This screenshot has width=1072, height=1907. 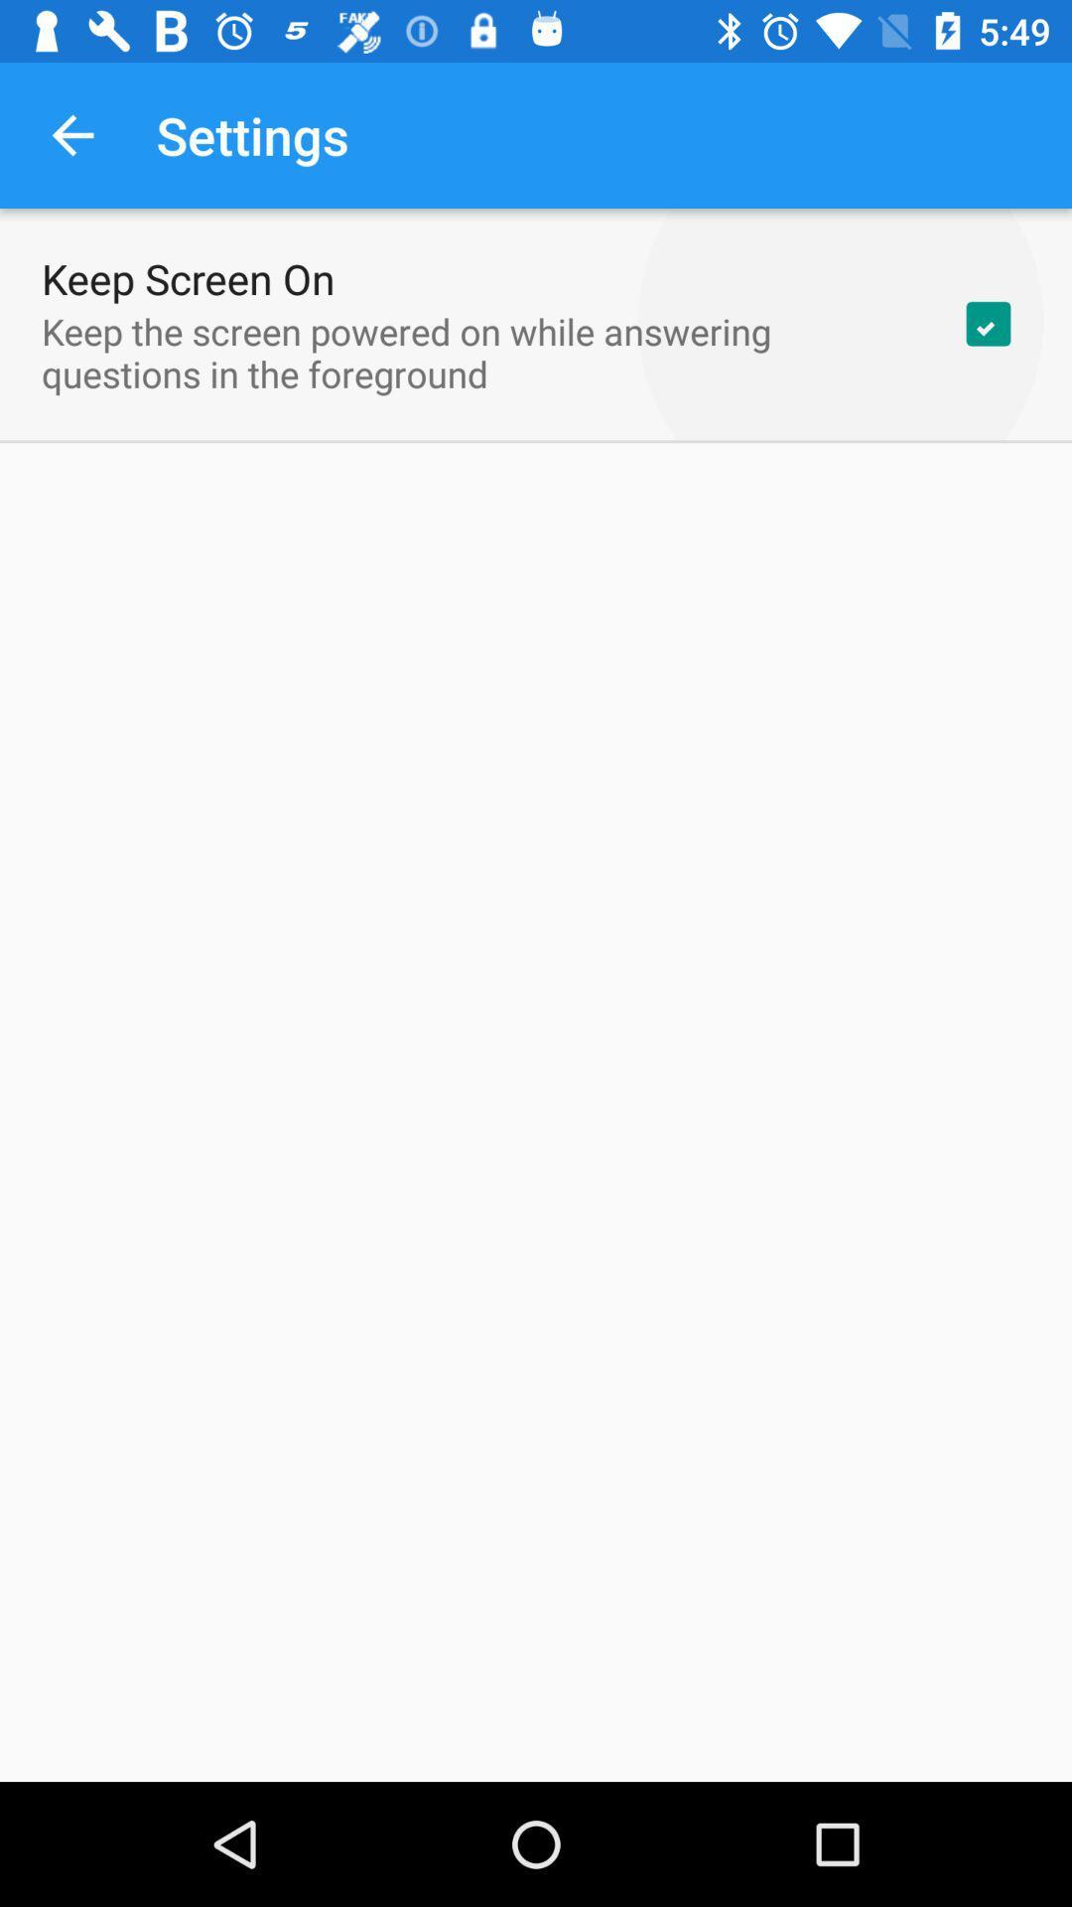 What do you see at coordinates (988, 324) in the screenshot?
I see `icon at the top right corner` at bounding box center [988, 324].